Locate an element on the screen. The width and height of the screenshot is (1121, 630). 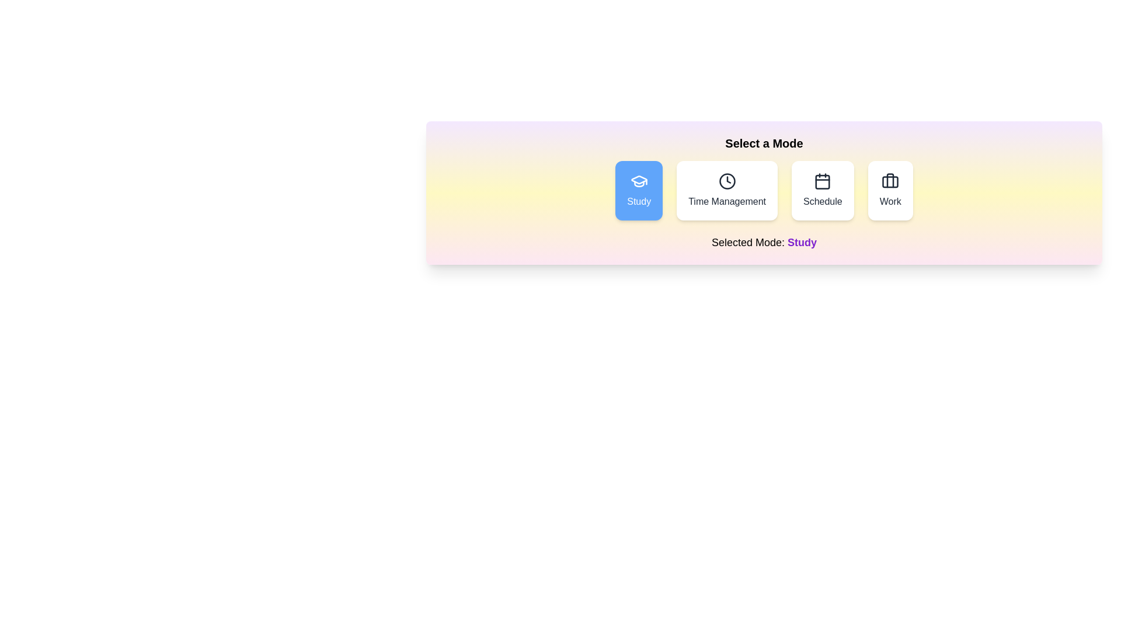
the button labeled Time Management to observe its hover effect is located at coordinates (726, 190).